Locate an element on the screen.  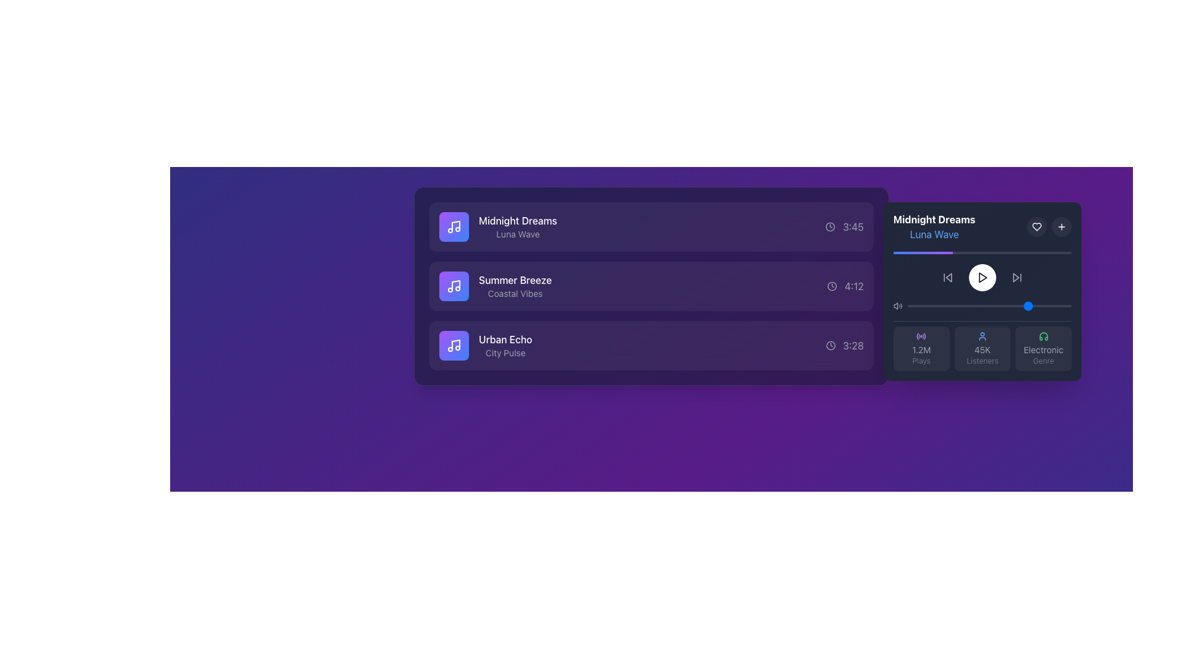
the controls located near the title 'Midnight Dreams' and subtitle 'Luna Wave' in the top section of the rightmost panel is located at coordinates (982, 226).